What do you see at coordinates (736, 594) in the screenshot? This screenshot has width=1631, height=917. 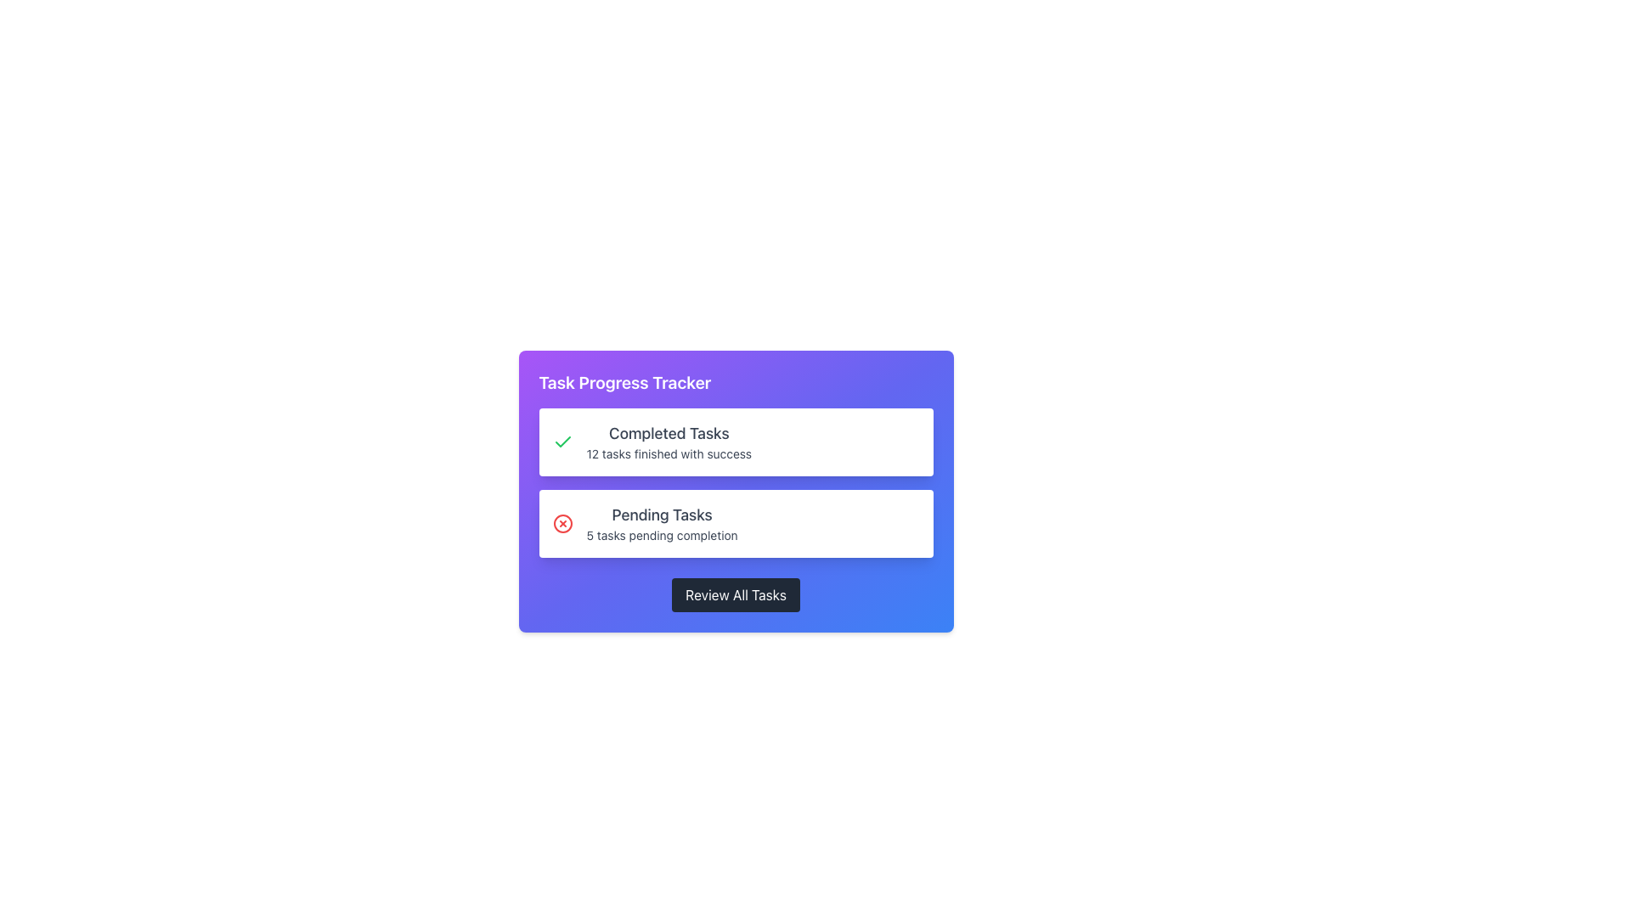 I see `the central button located below the task statuses to review all tasks in the list` at bounding box center [736, 594].